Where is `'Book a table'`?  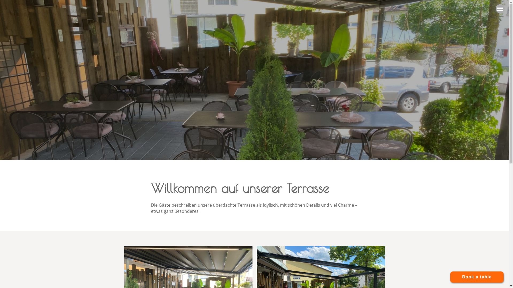 'Book a table' is located at coordinates (477, 277).